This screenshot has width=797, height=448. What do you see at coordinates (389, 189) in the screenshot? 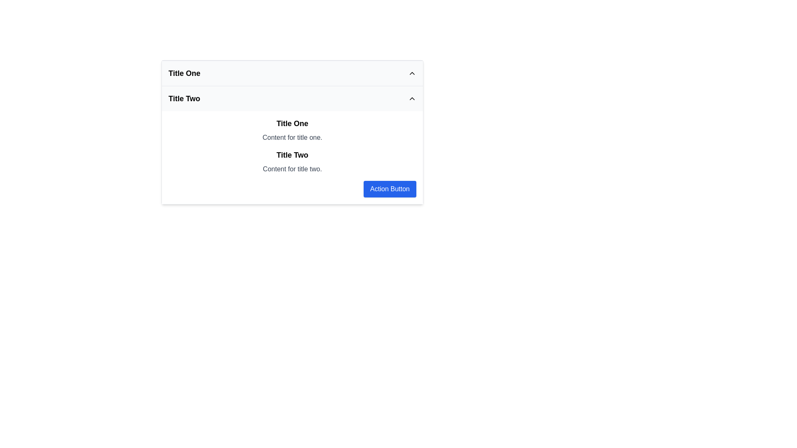
I see `the blue rectangular button with rounded corners labeled 'Action Button'` at bounding box center [389, 189].